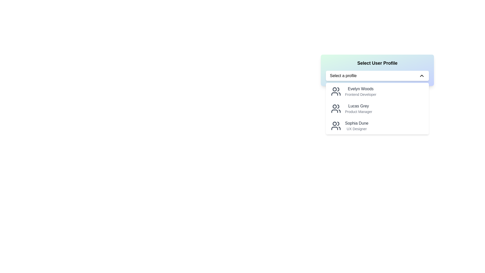 Image resolution: width=485 pixels, height=273 pixels. I want to click on text content of the 'Lucas Grey' label located in the dropdown menu under 'Select User Profile', so click(358, 106).